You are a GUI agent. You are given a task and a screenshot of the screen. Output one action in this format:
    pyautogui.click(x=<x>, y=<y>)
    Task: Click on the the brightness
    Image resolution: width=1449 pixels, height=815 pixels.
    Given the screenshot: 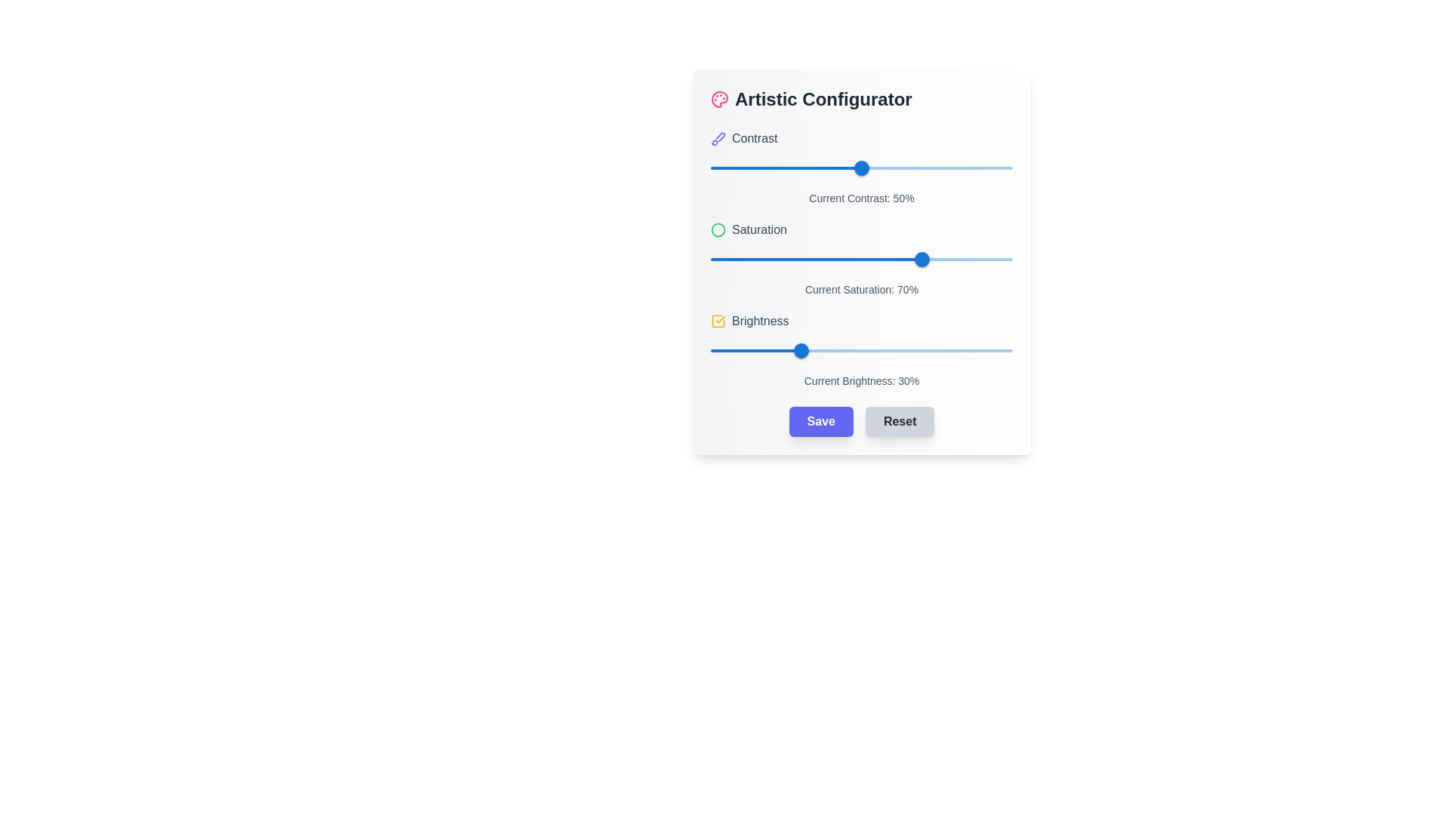 What is the action you would take?
    pyautogui.click(x=891, y=351)
    